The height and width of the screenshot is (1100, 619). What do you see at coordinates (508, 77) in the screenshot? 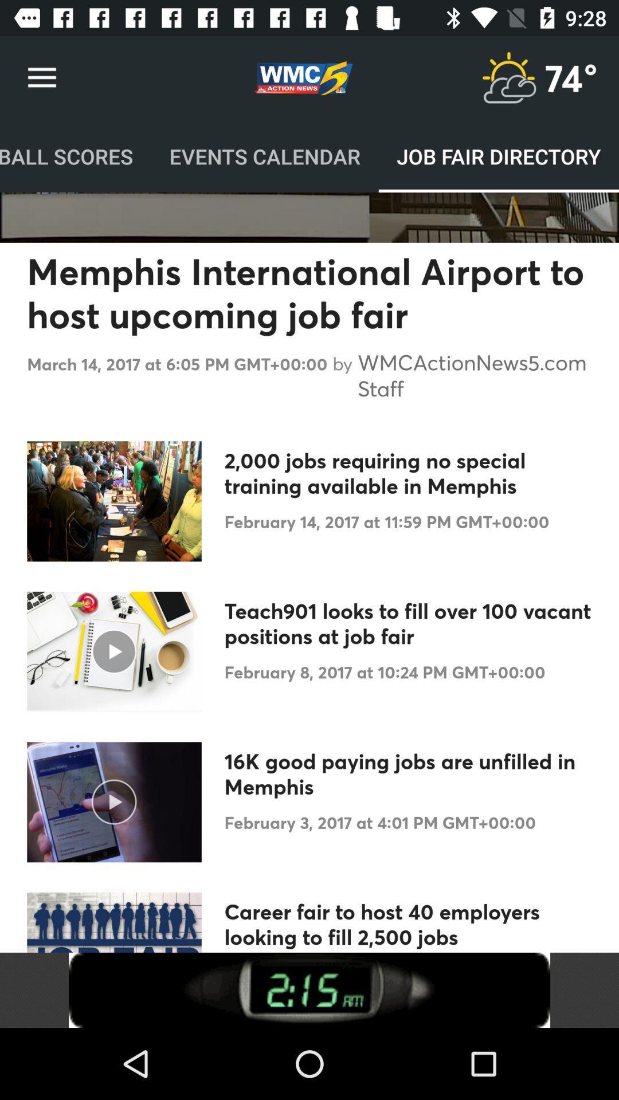
I see `weather` at bounding box center [508, 77].